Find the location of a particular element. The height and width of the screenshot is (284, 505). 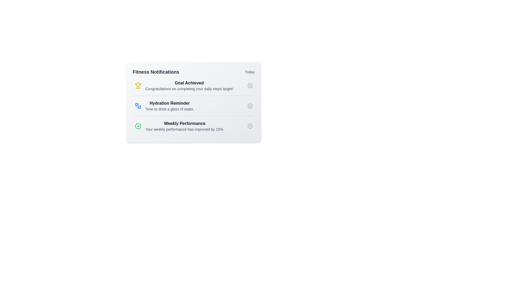

text of the notification component titled 'Hydration Reminder' which is centrally aligned in the notification panel and positioned as the second entry under 'Fitness Notifications' is located at coordinates (170, 106).